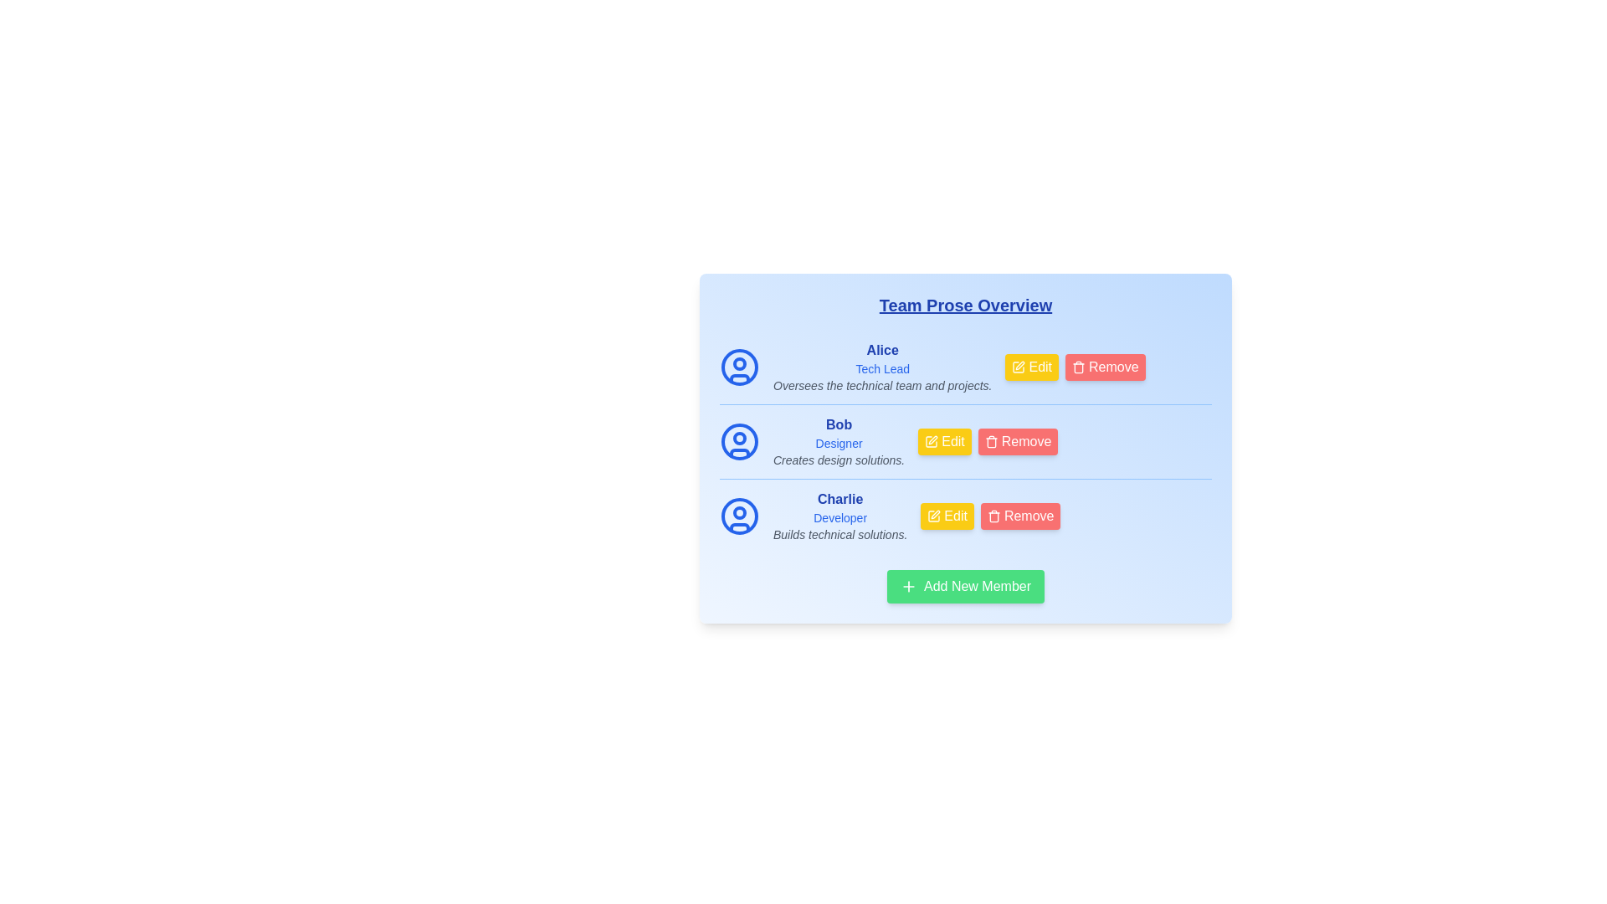  I want to click on the 'Edit' button next to the 'Bob' entry in the user list table, so click(931, 441).